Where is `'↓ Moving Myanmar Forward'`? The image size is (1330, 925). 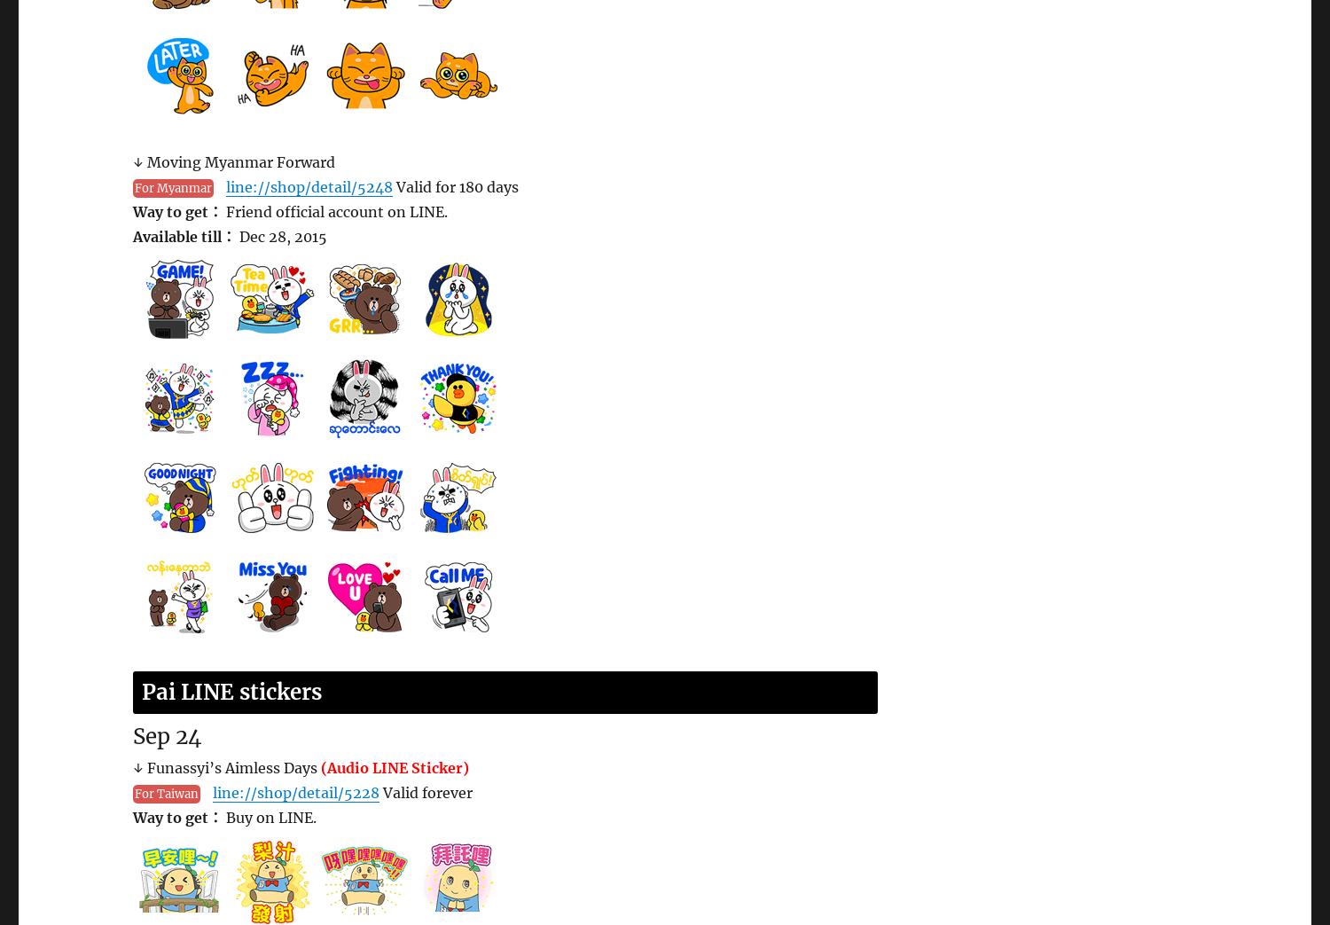
'↓ Moving Myanmar Forward' is located at coordinates (234, 161).